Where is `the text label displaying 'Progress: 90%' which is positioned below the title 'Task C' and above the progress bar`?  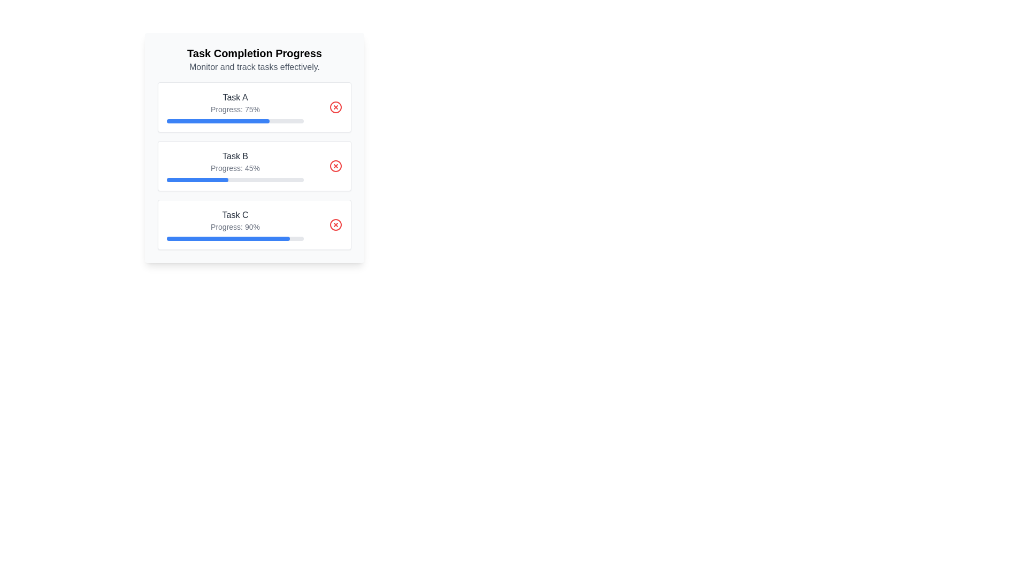
the text label displaying 'Progress: 90%' which is positioned below the title 'Task C' and above the progress bar is located at coordinates (235, 226).